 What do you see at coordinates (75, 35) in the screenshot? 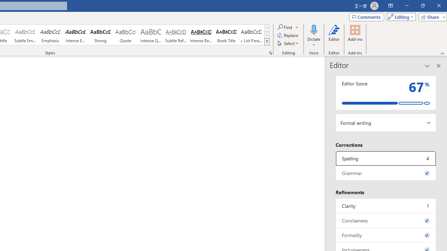
I see `'Intense Emphasis'` at bounding box center [75, 35].